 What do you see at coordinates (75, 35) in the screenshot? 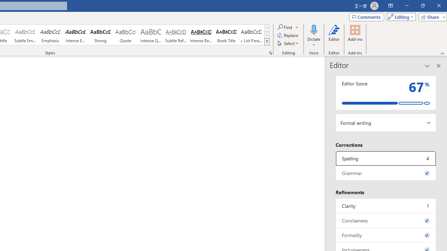
I see `'Intense Emphasis'` at bounding box center [75, 35].